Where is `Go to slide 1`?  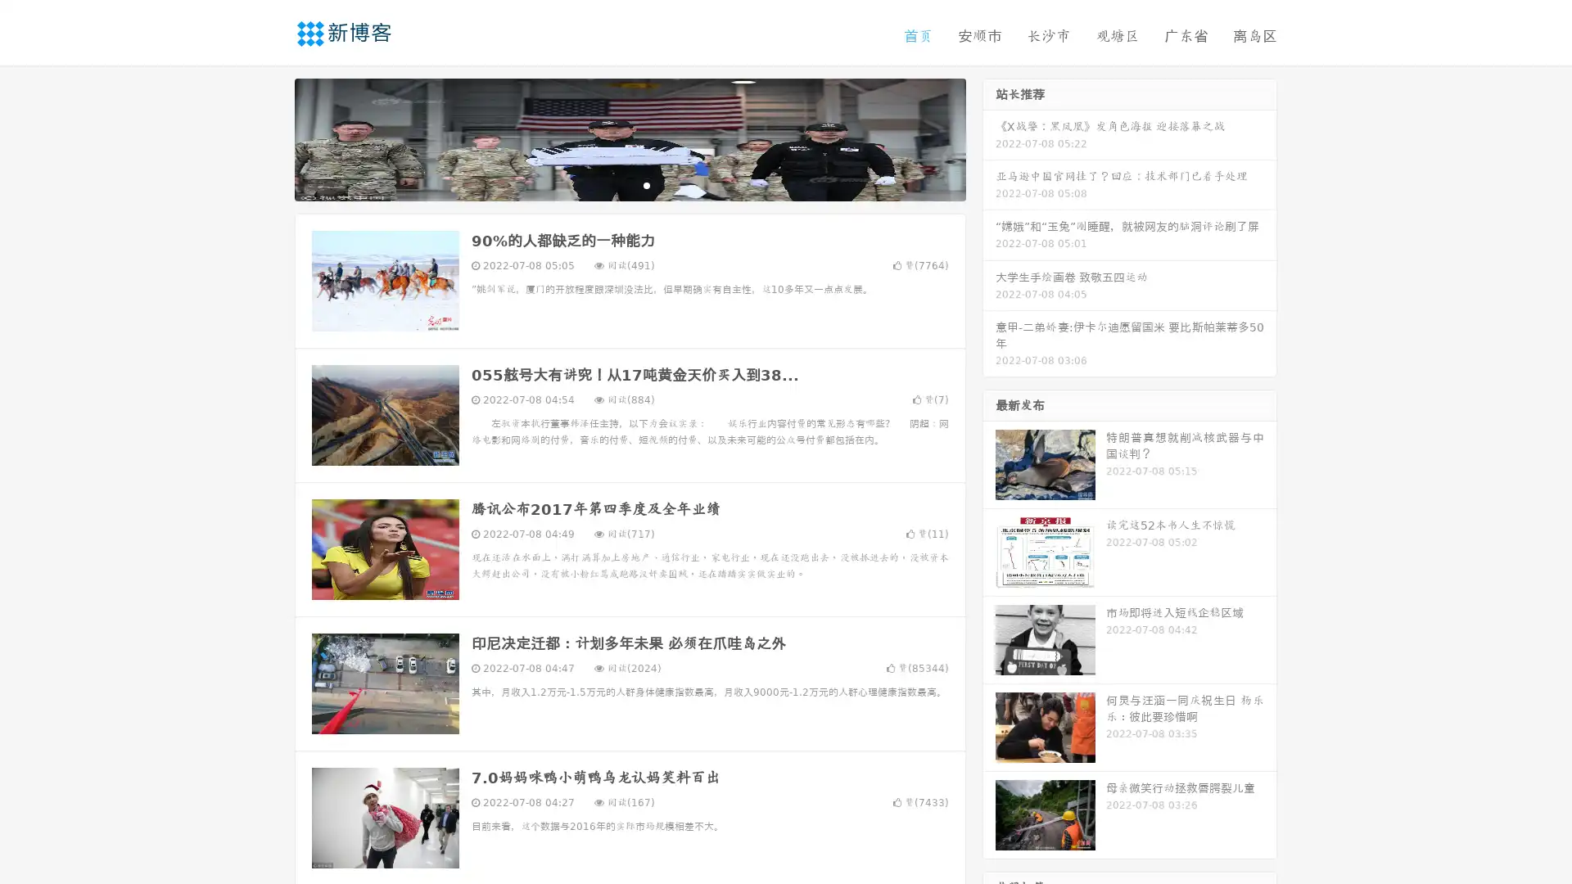
Go to slide 1 is located at coordinates (612, 184).